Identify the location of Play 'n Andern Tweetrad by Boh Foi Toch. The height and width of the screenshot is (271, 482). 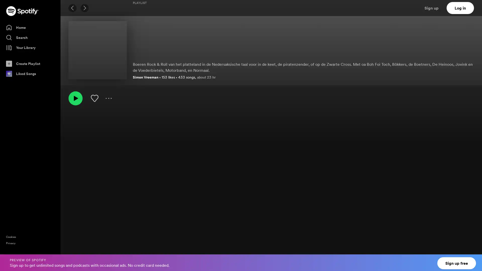
(75, 230).